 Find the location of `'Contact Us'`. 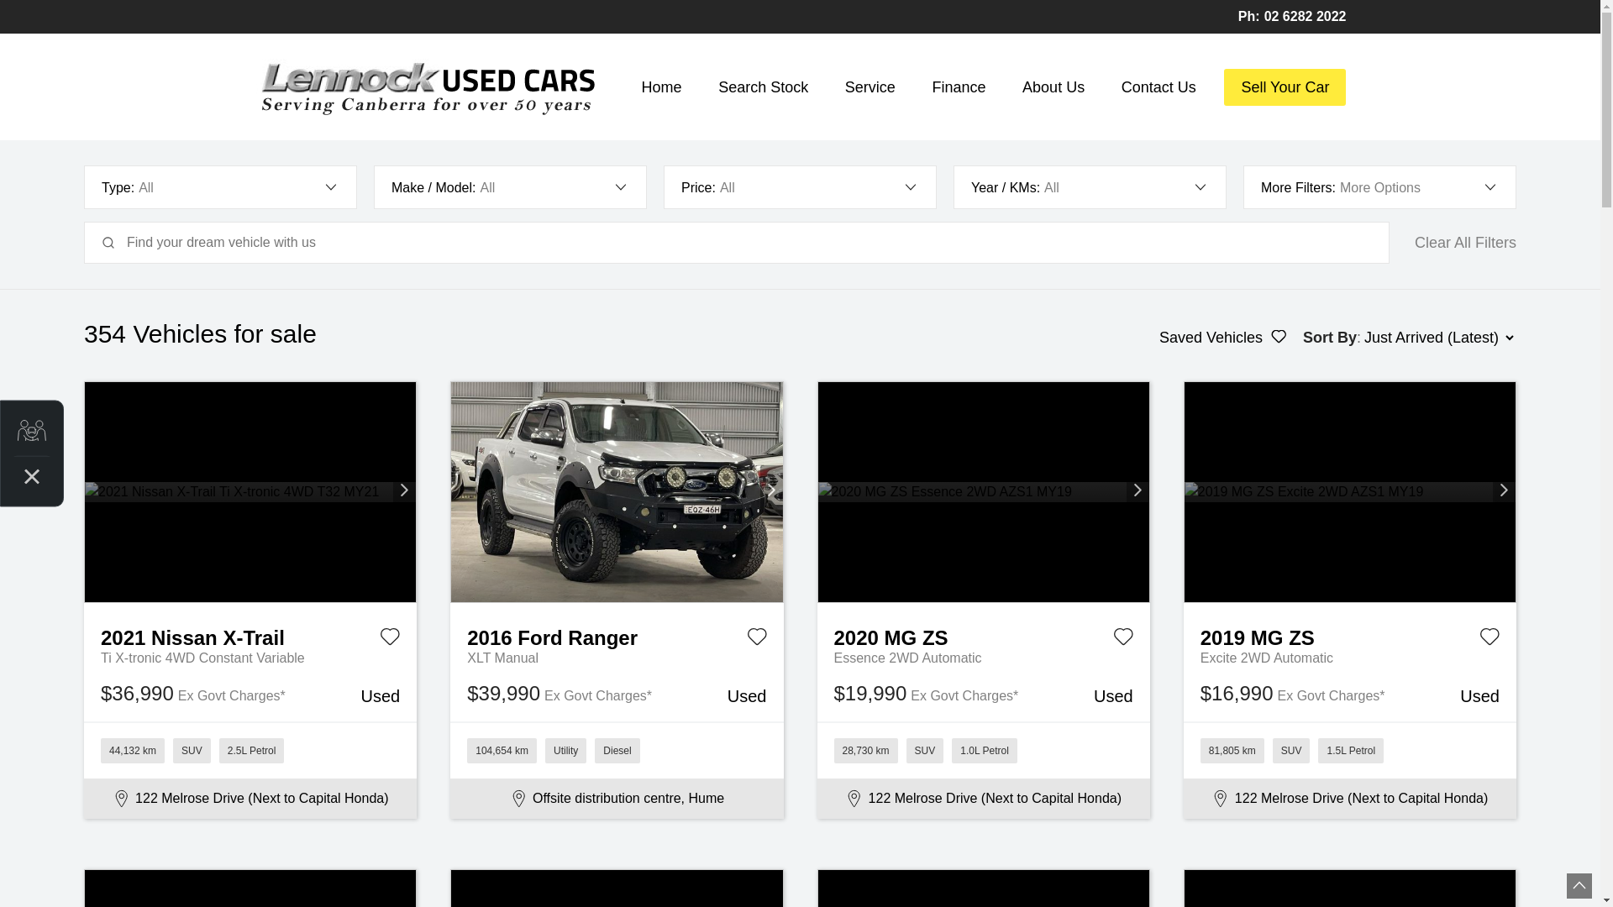

'Contact Us' is located at coordinates (1158, 87).